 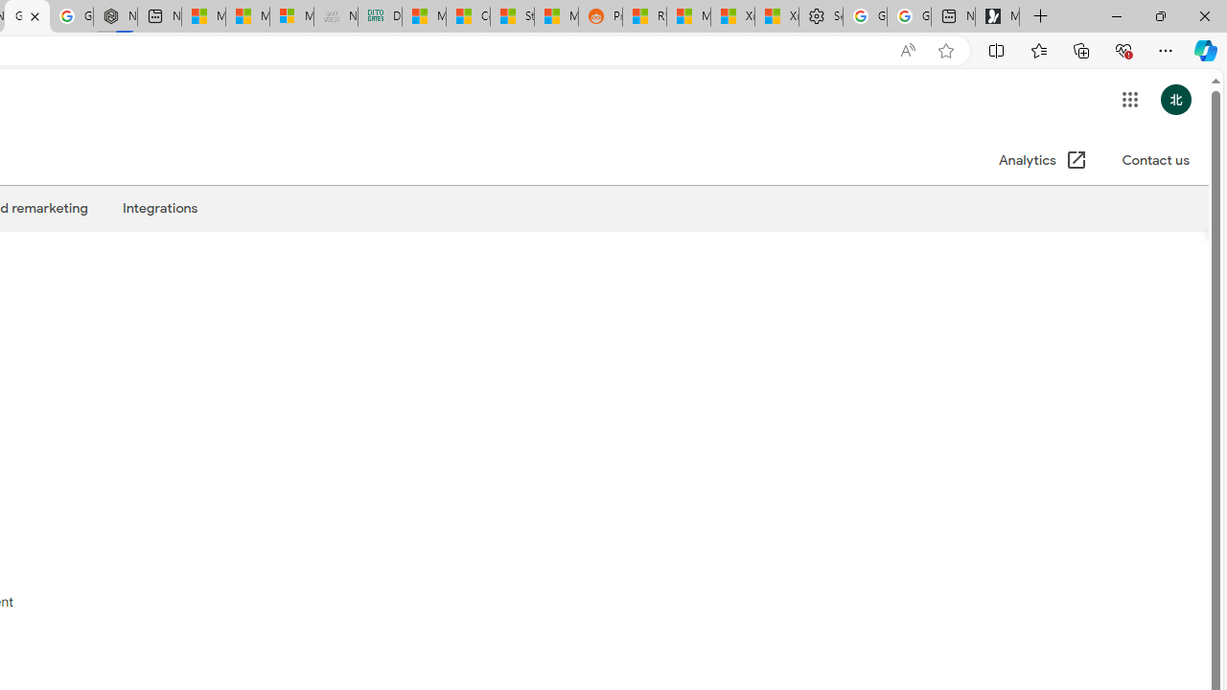 I want to click on 'Class: gb_E', so click(x=1129, y=100).